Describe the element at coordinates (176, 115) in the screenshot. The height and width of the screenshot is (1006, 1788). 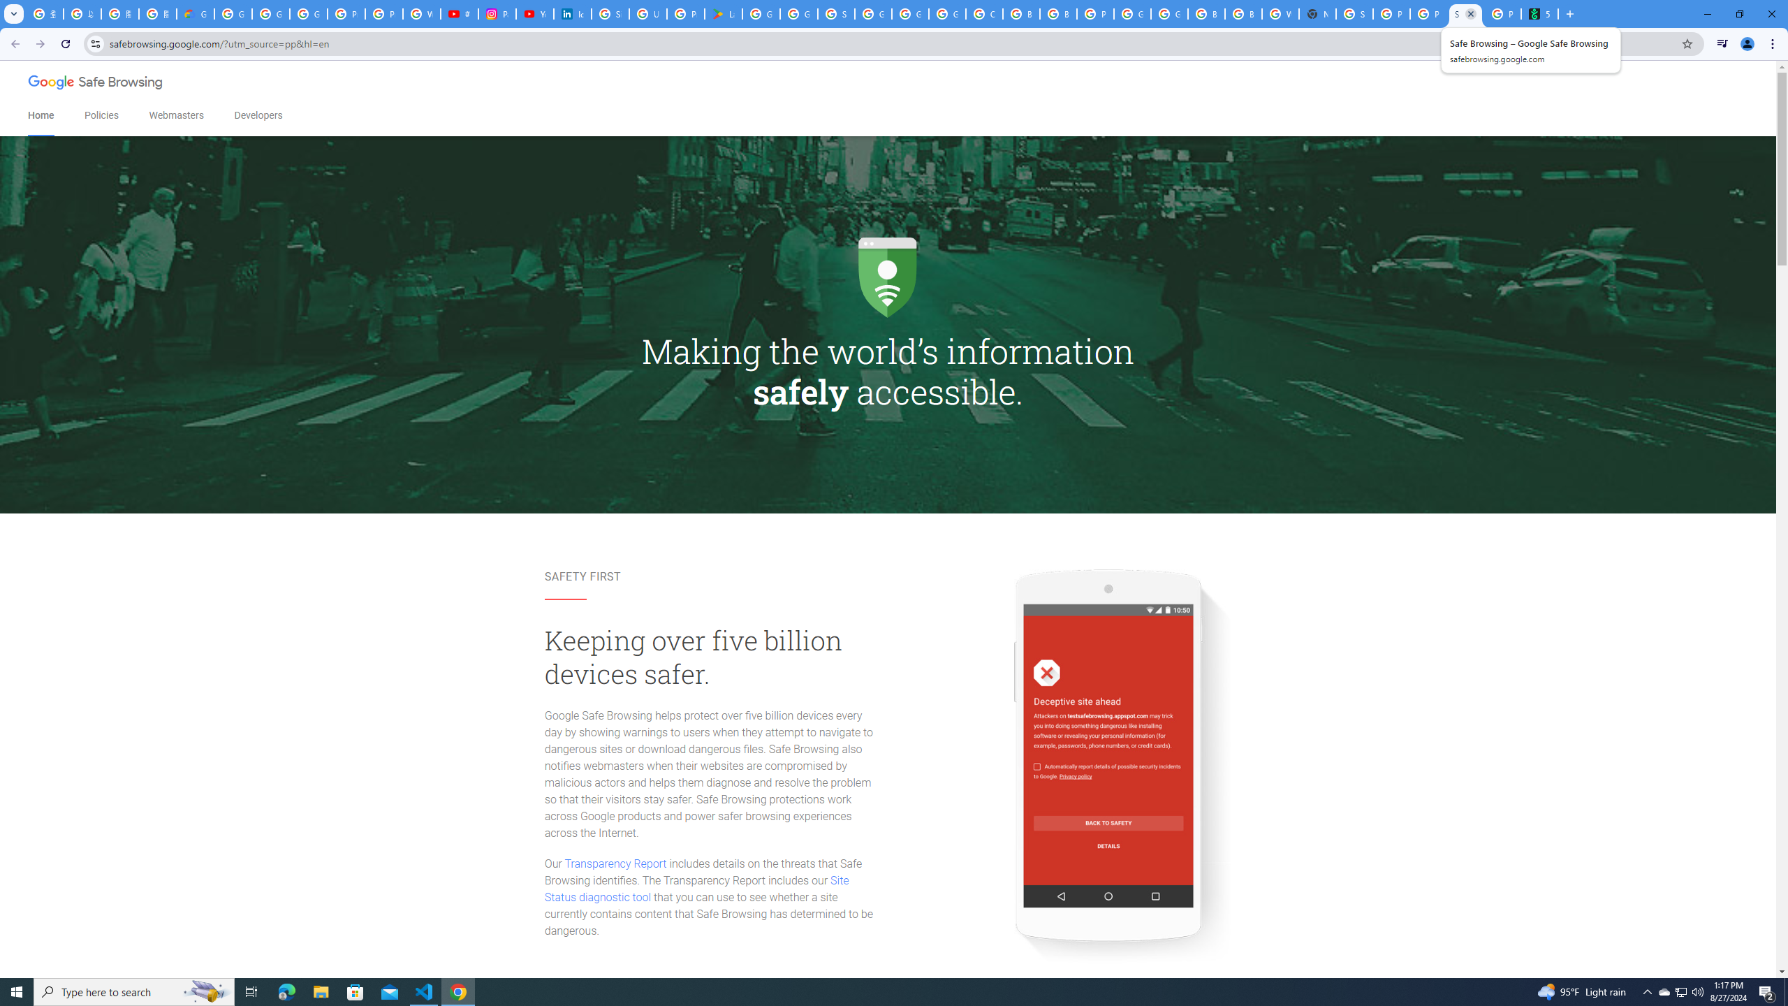
I see `'Webmasters'` at that location.